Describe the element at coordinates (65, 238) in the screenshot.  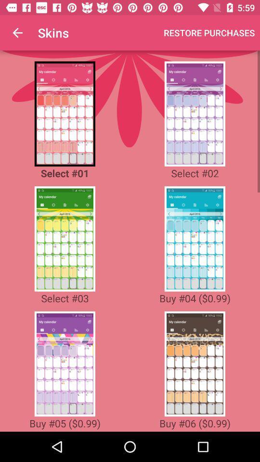
I see `the skin selections page` at that location.